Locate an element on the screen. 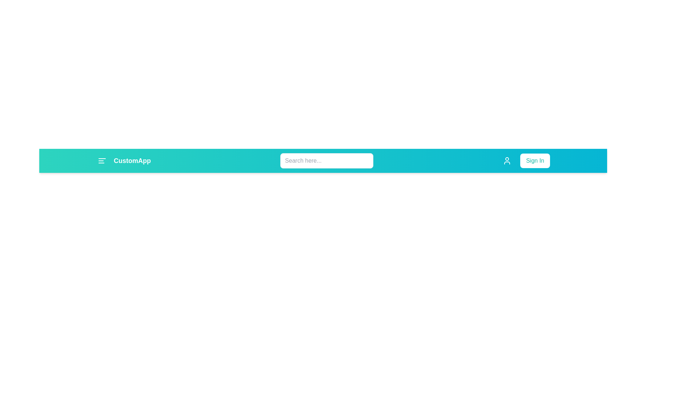  the button at user_button to observe its hover effect is located at coordinates (507, 160).